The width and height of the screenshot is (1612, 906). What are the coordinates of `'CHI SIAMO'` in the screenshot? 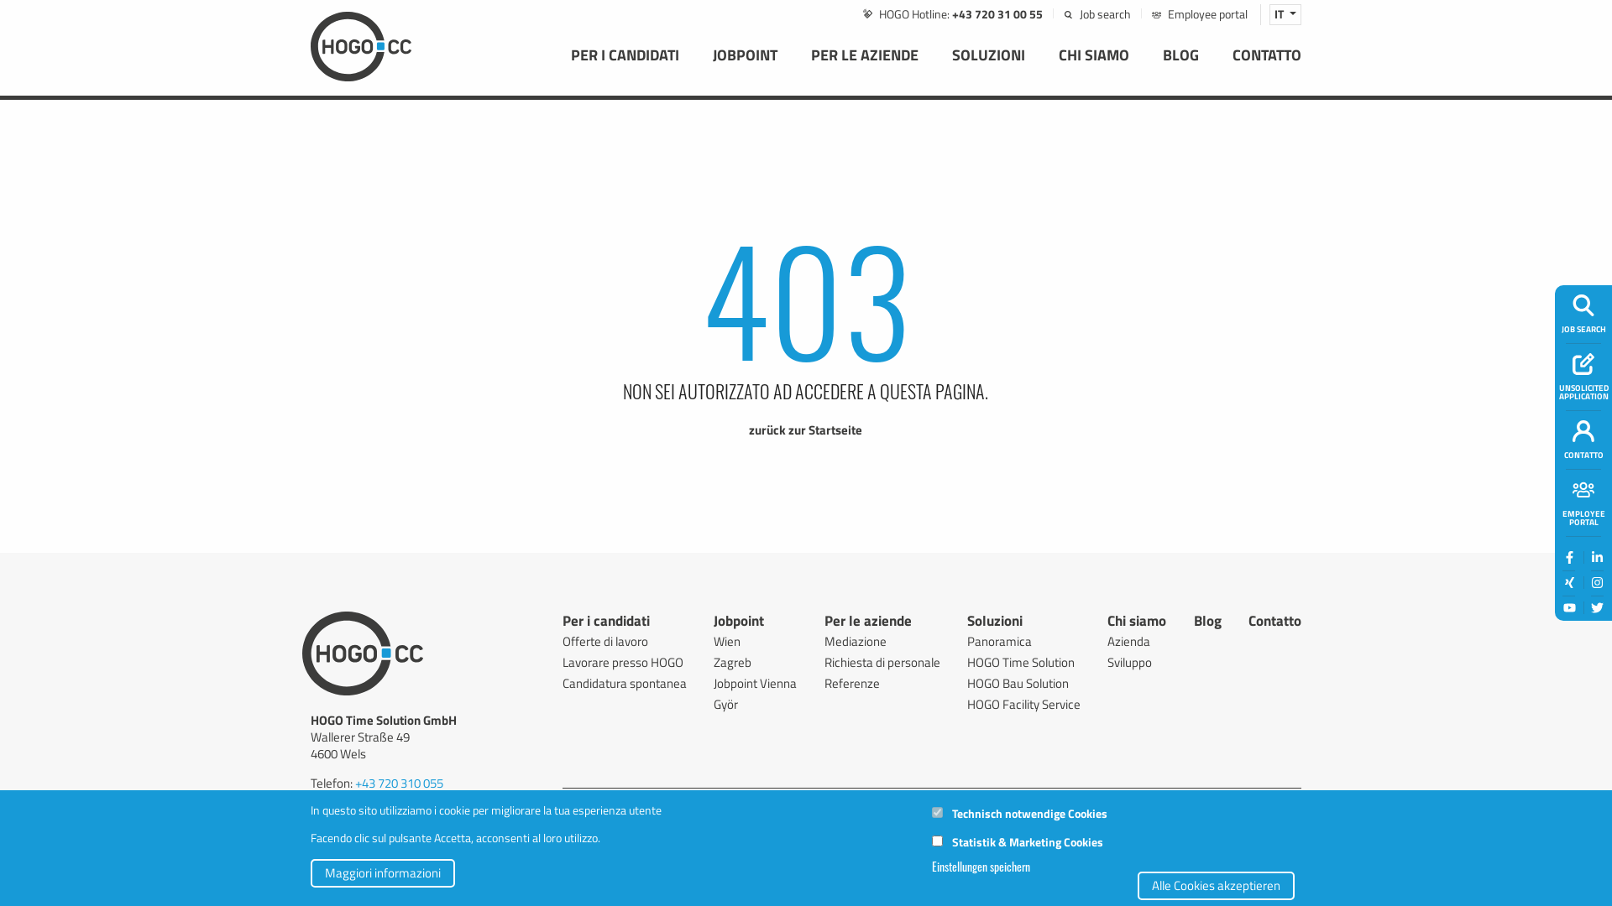 It's located at (1093, 65).